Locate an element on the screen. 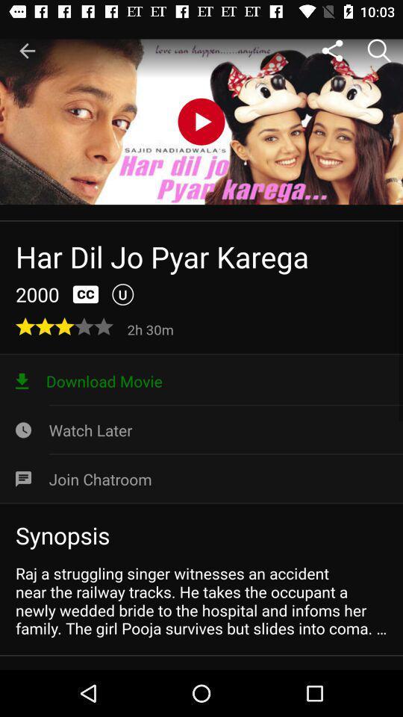 The image size is (403, 717). icon above the join chatroom icon is located at coordinates (201, 430).